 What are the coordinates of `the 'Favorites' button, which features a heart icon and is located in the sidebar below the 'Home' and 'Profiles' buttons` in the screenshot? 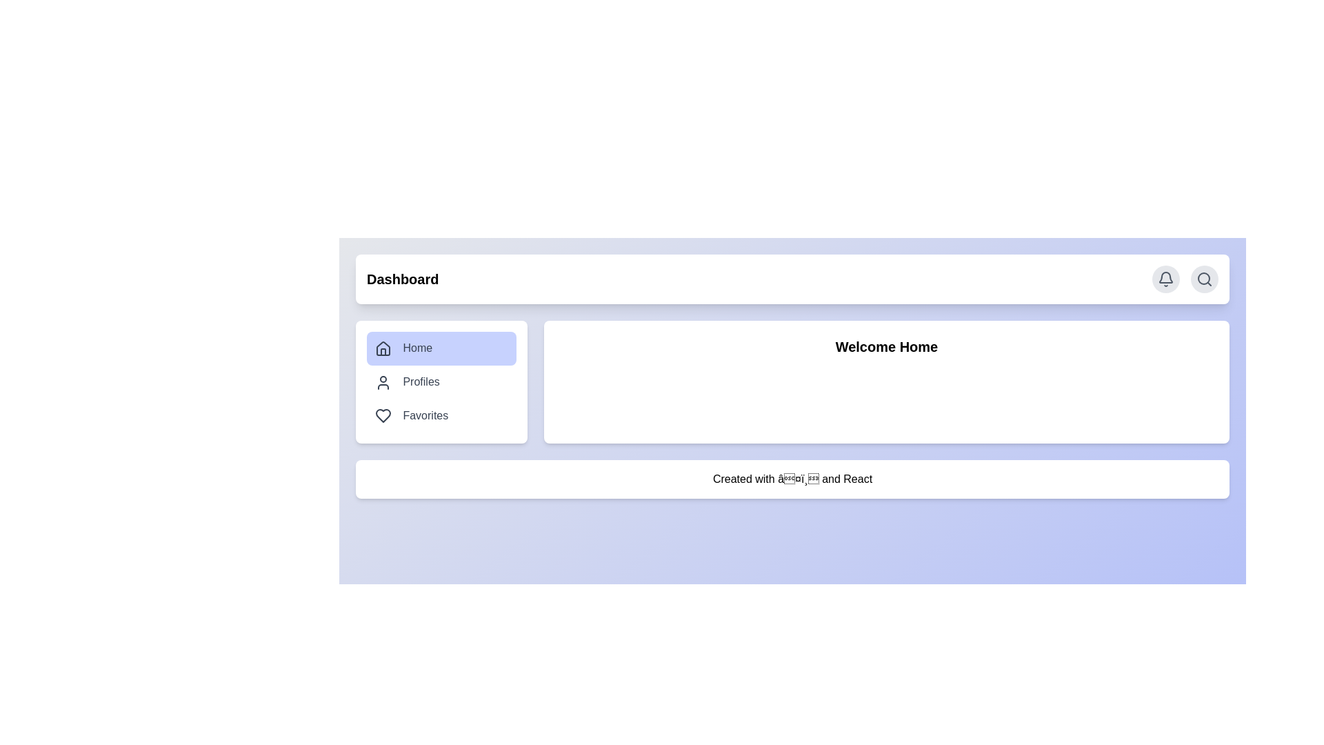 It's located at (441, 415).